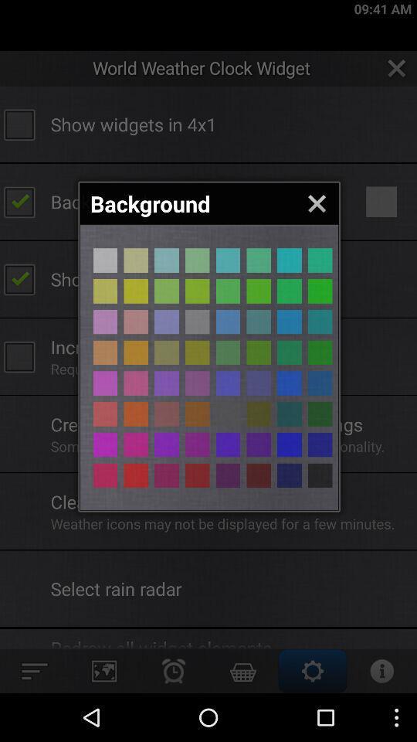  What do you see at coordinates (166, 260) in the screenshot?
I see `color of the button` at bounding box center [166, 260].